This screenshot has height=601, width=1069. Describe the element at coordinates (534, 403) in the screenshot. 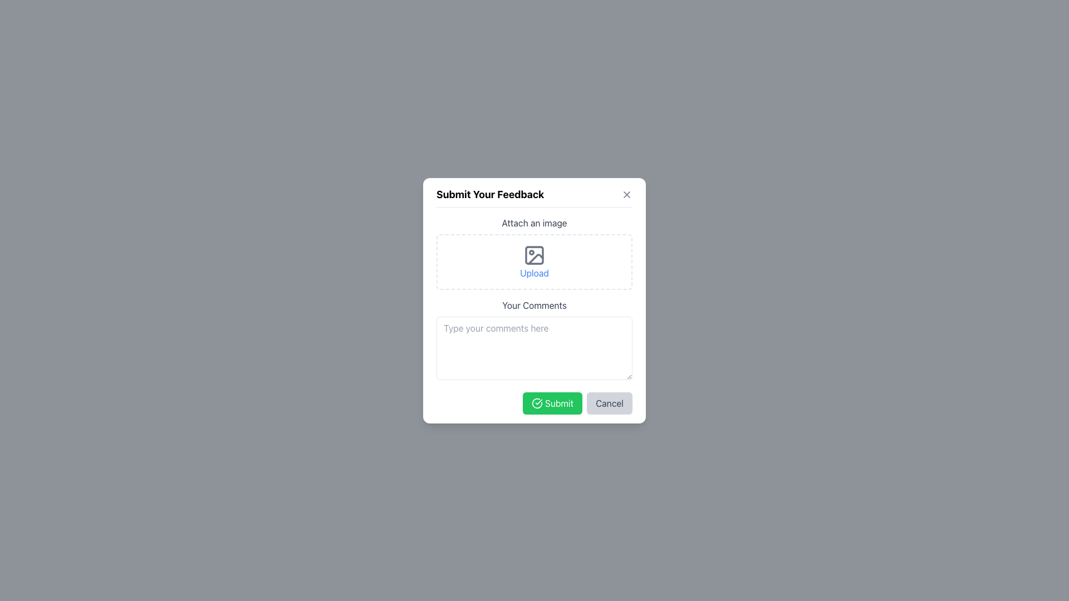

I see `the 'Submit' button in the Button Group for keyboard navigation` at that location.